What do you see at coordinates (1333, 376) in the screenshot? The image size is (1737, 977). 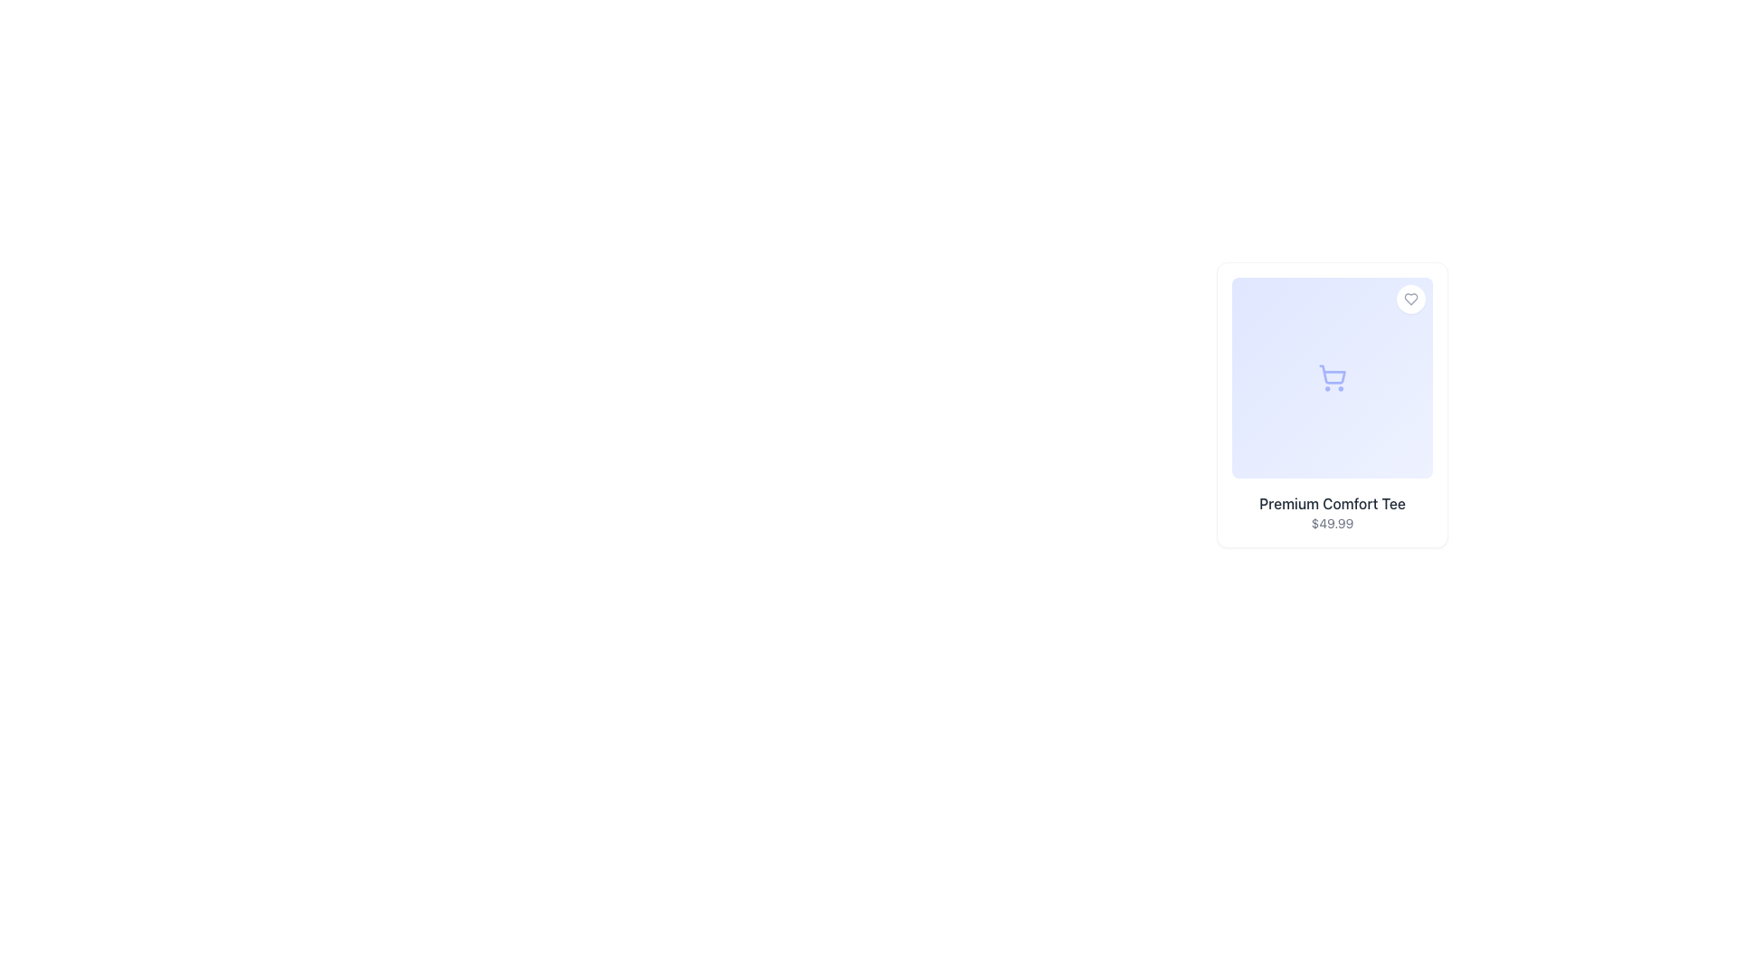 I see `the shopping cart icon located in the top-left corner of the product card for the 'Premium Comfort Tee'` at bounding box center [1333, 376].